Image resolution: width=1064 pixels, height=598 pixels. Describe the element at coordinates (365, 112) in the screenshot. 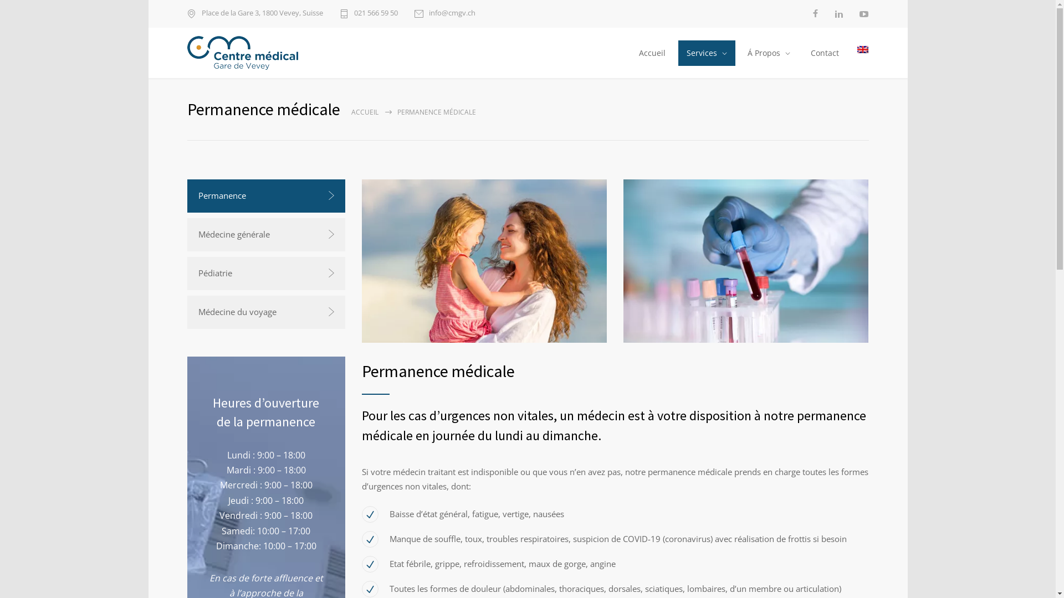

I see `'ACCUEIL'` at that location.